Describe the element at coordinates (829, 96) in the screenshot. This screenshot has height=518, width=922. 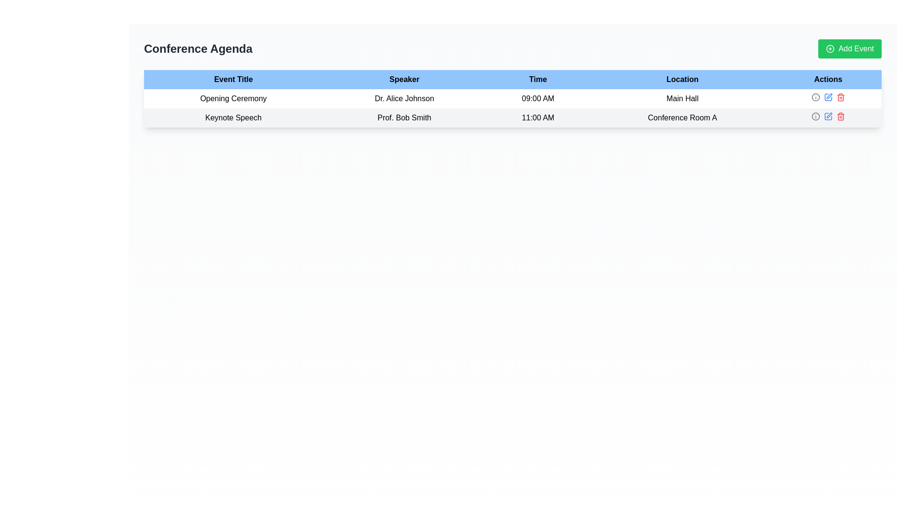
I see `the edit icon (pen icon) in the 'Actions' column of the 'Conference Agenda' table to modify the details of the 'Keynote Speech' row` at that location.